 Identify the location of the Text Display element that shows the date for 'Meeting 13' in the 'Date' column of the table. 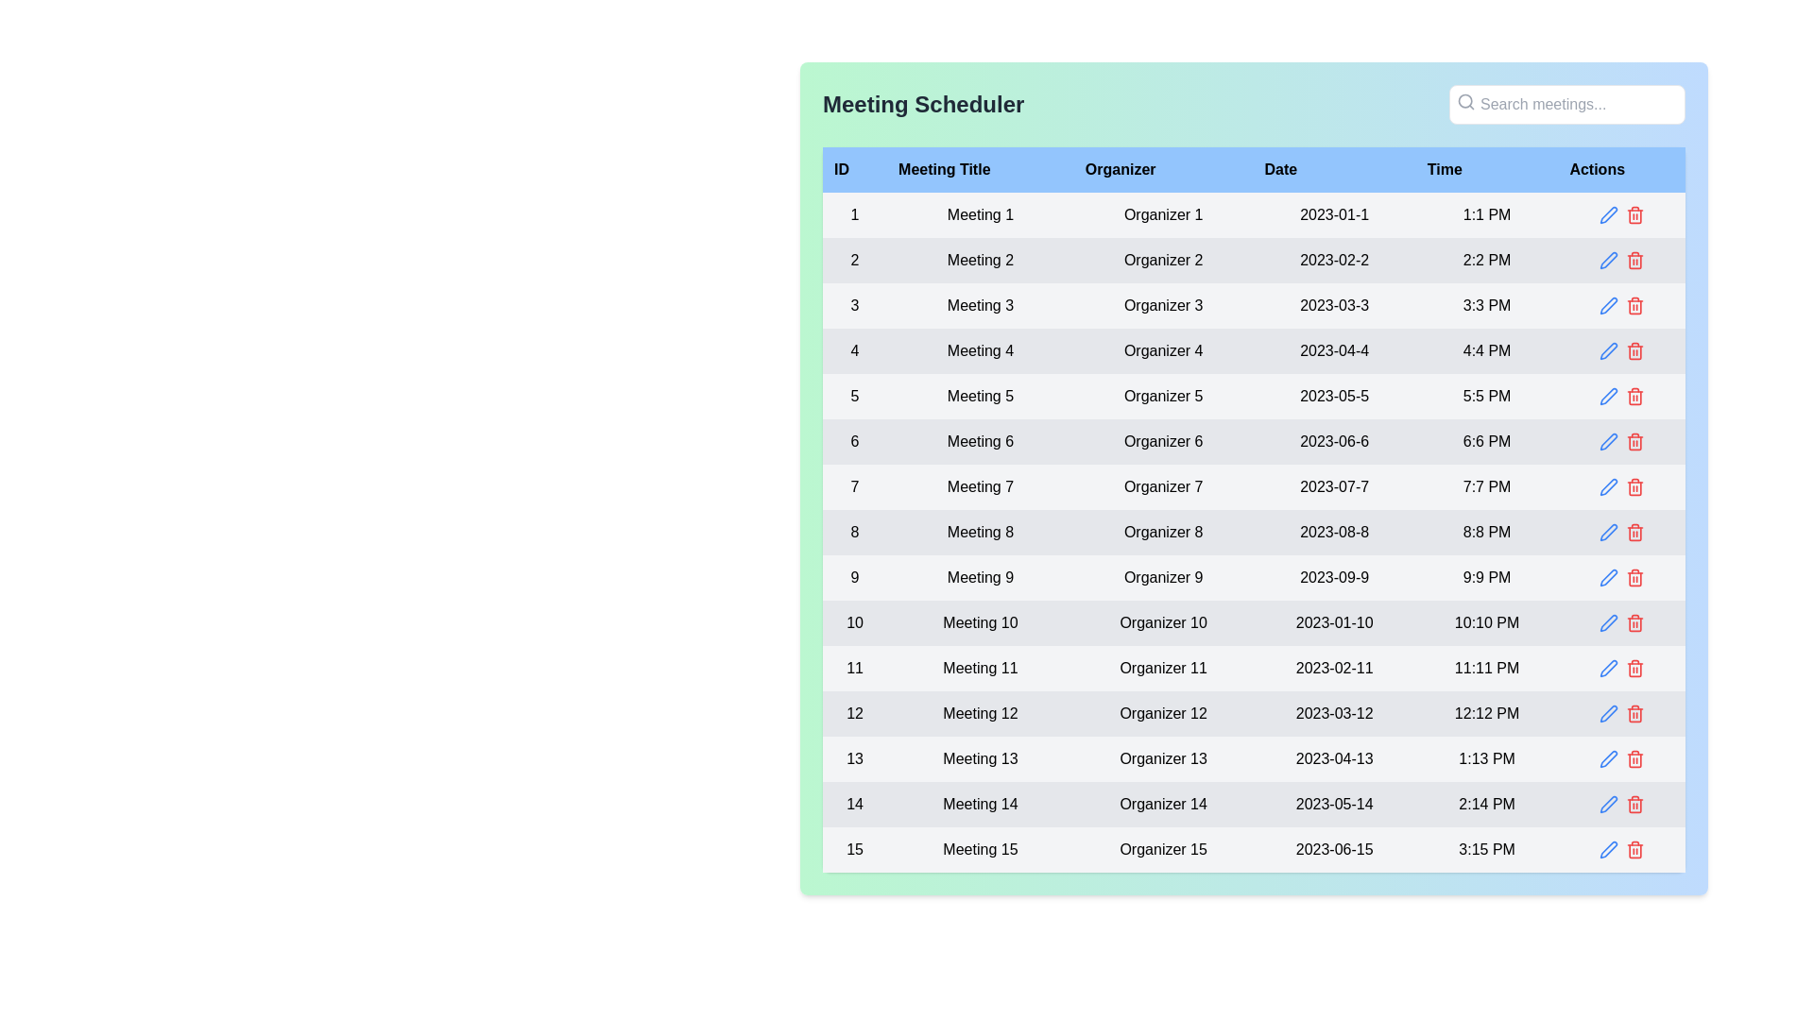
(1333, 757).